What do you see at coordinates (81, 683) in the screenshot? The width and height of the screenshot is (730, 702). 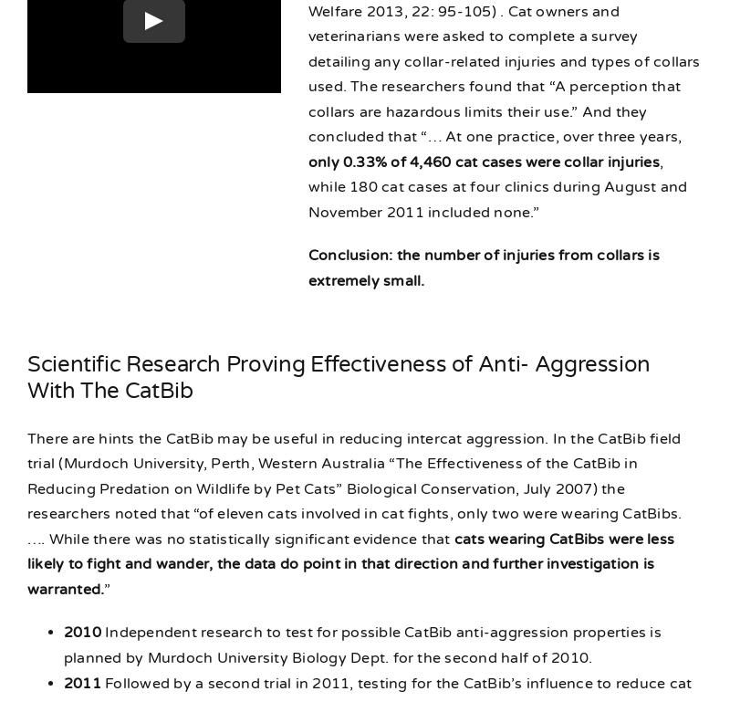 I see `'2011'` at bounding box center [81, 683].